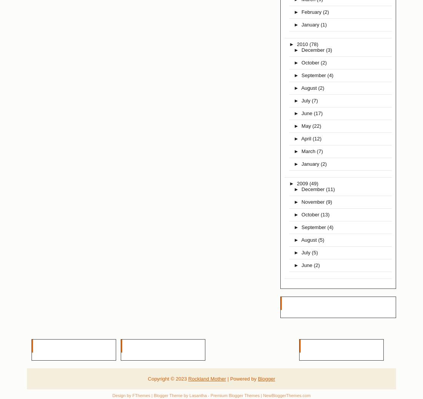  What do you see at coordinates (301, 125) in the screenshot?
I see `'May'` at bounding box center [301, 125].